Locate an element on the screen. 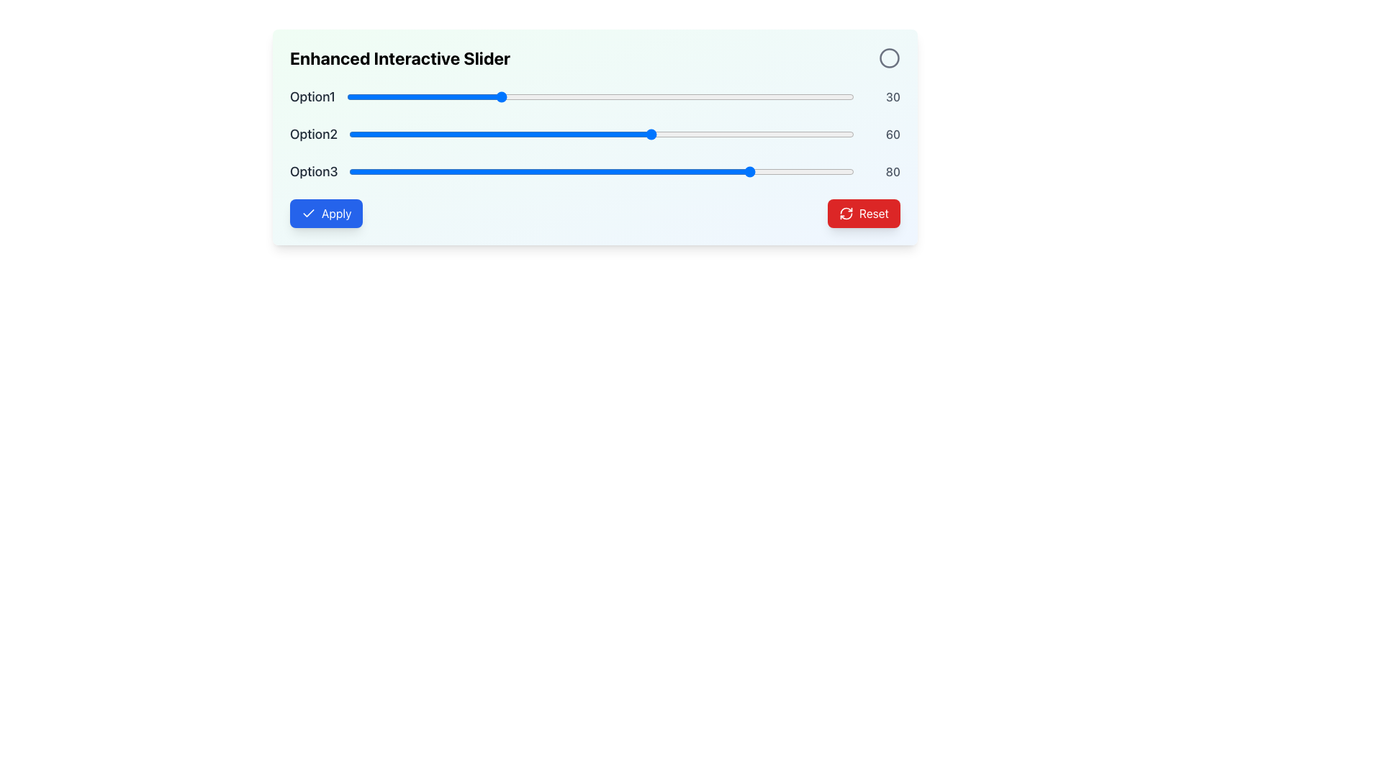 Image resolution: width=1382 pixels, height=777 pixels. the slider is located at coordinates (515, 171).